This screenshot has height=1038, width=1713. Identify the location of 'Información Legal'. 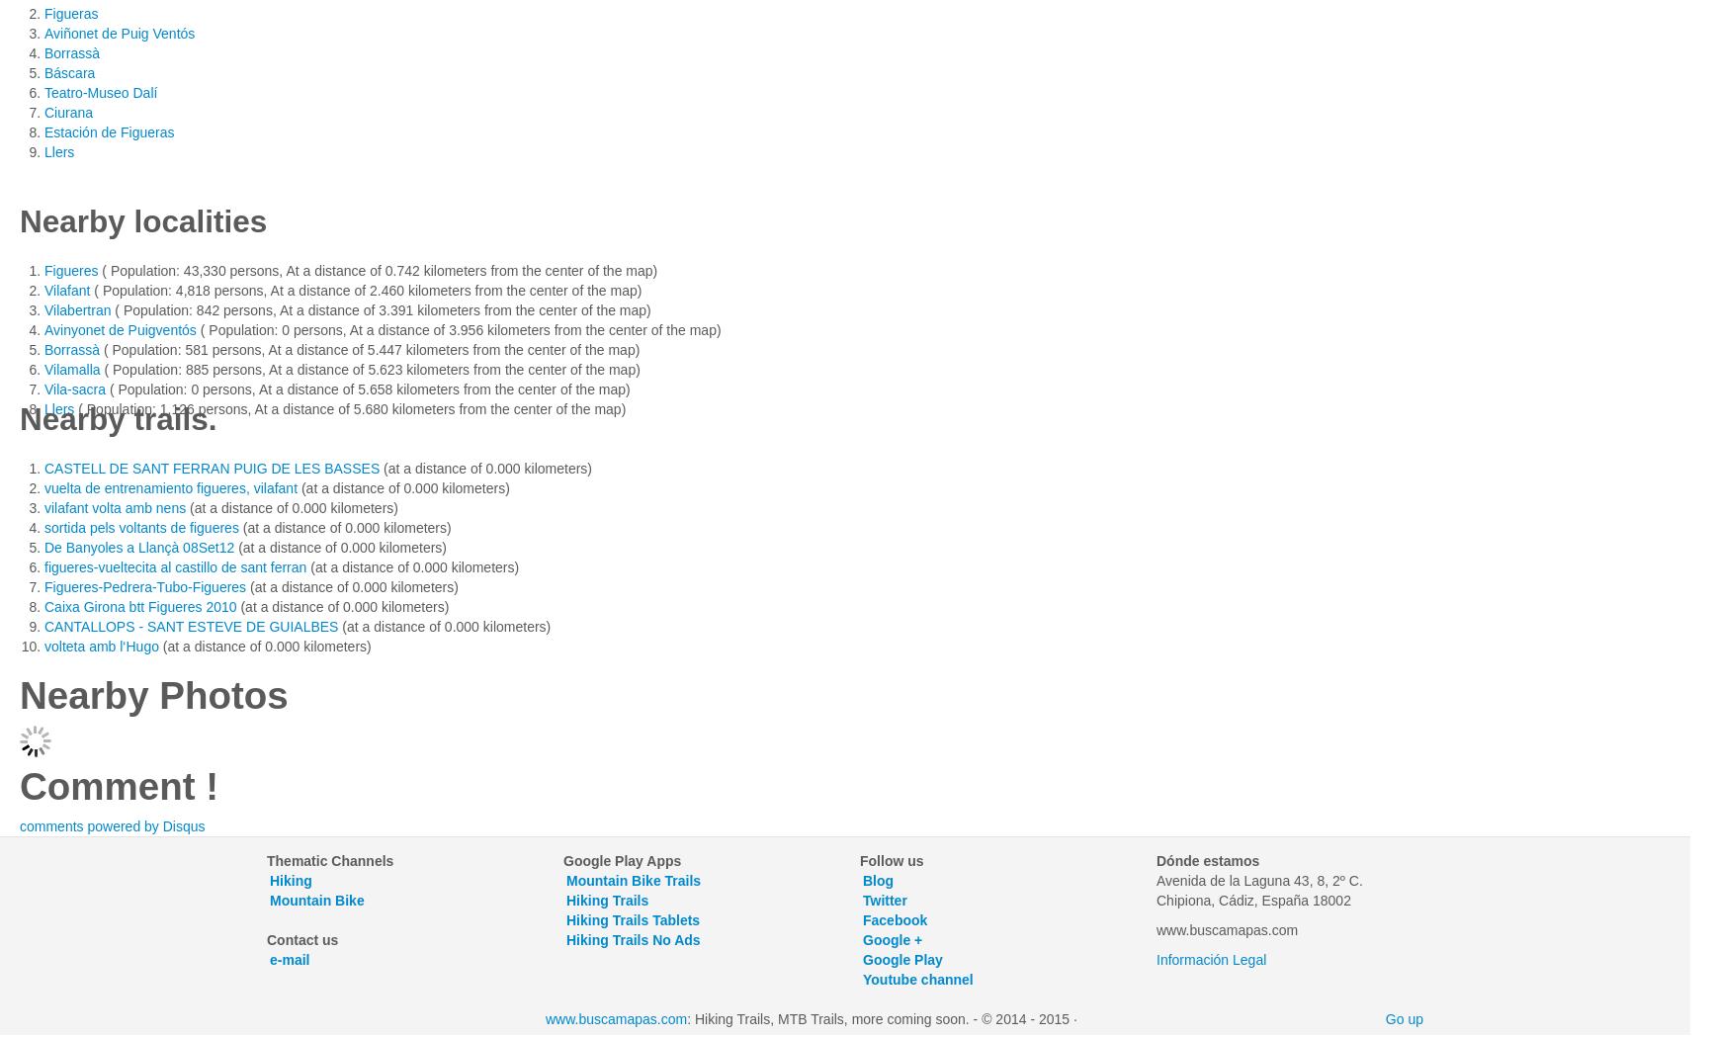
(1156, 957).